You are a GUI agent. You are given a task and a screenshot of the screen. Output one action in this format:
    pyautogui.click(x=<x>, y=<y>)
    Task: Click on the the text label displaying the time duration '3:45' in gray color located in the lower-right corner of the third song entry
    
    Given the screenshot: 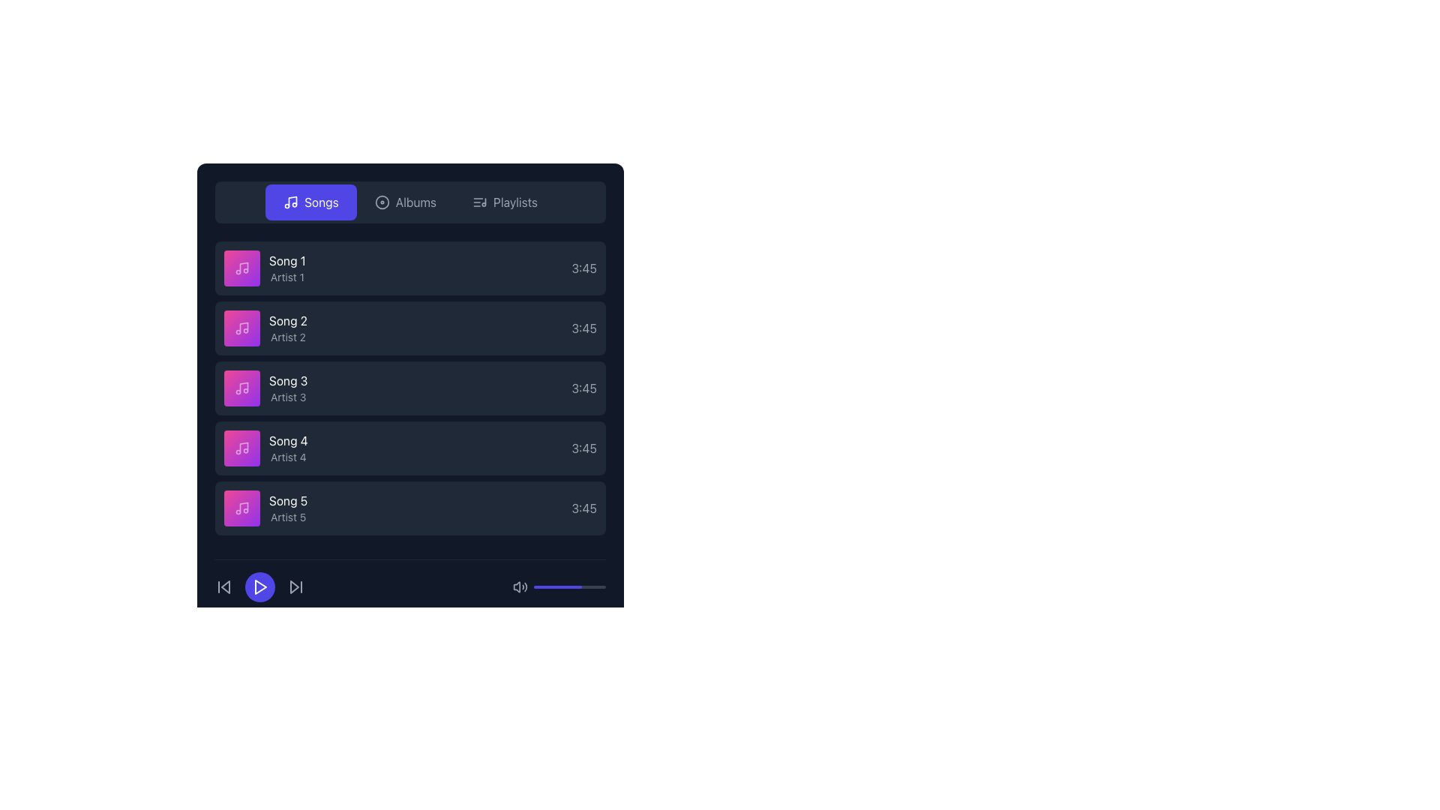 What is the action you would take?
    pyautogui.click(x=583, y=387)
    